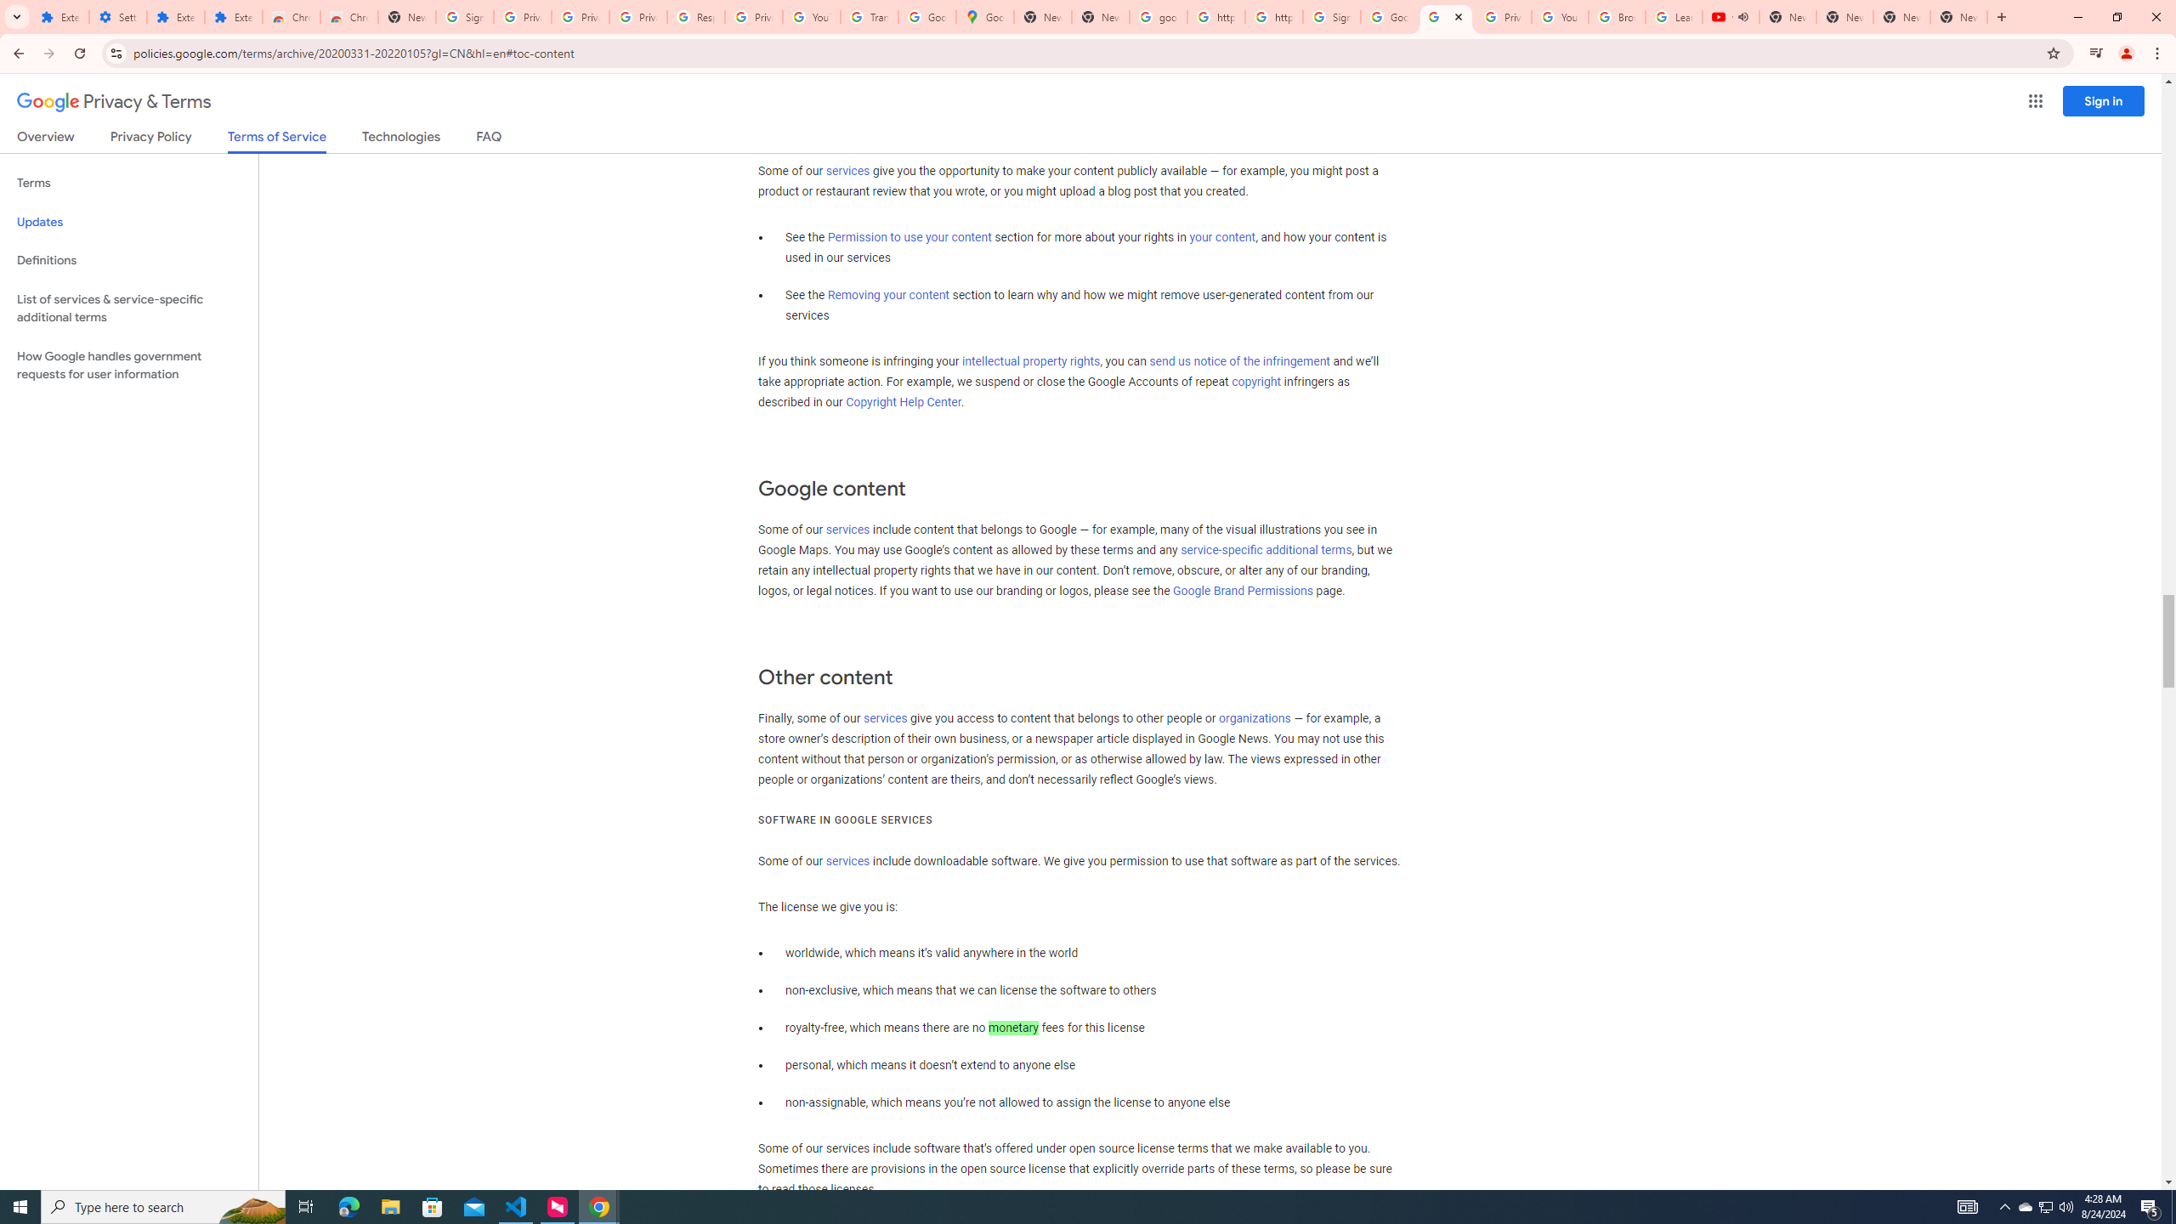 This screenshot has width=2176, height=1224. What do you see at coordinates (59, 16) in the screenshot?
I see `'Extensions'` at bounding box center [59, 16].